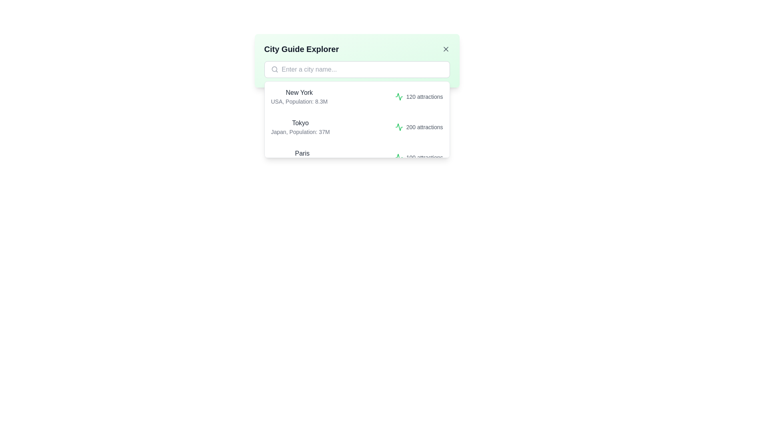  What do you see at coordinates (274, 69) in the screenshot?
I see `the decorative circle element of the search icon located in the 'City Guide Explorer' panel` at bounding box center [274, 69].